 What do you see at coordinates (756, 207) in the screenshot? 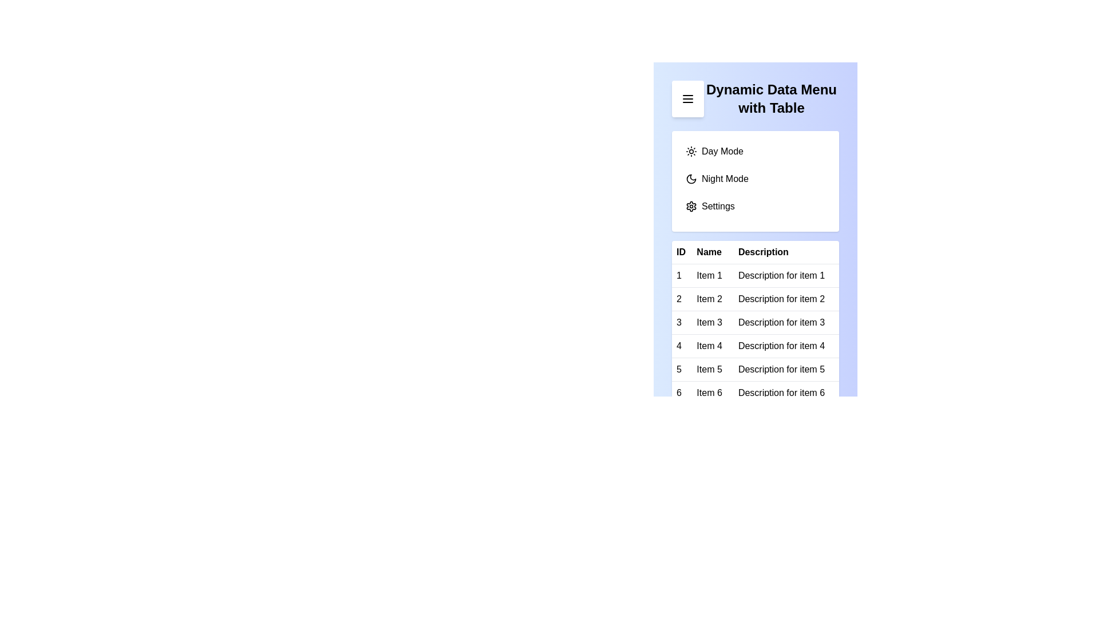
I see `'Settings' button` at bounding box center [756, 207].